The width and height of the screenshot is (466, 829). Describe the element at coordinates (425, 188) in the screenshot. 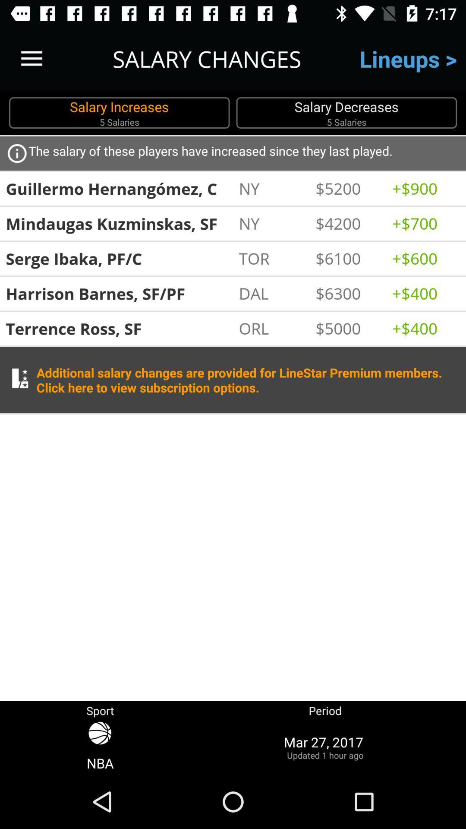

I see `the icon next to the $5200 icon` at that location.